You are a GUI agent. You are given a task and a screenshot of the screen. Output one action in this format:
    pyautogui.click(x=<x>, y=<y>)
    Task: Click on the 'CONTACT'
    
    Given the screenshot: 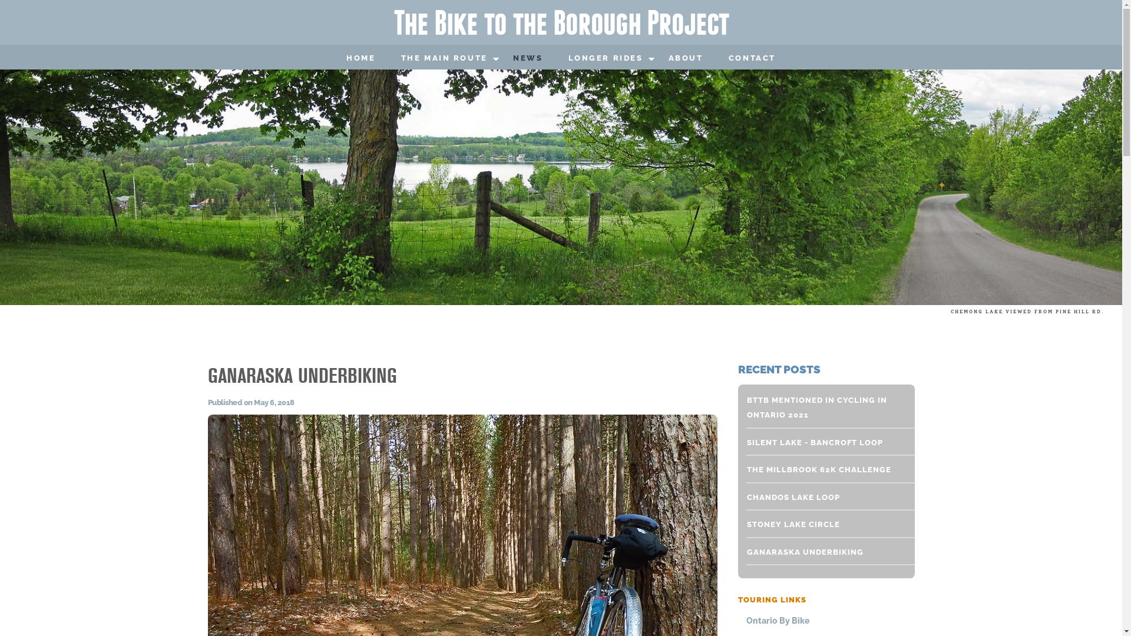 What is the action you would take?
    pyautogui.click(x=720, y=58)
    